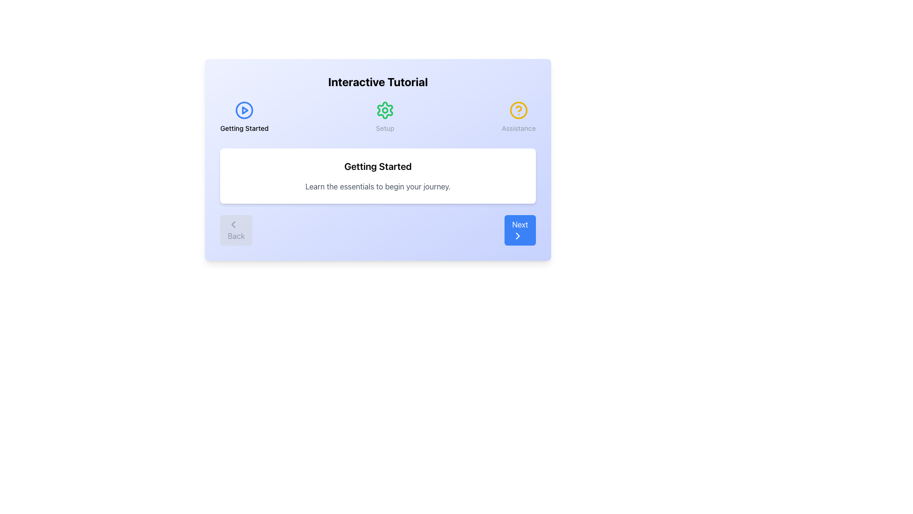 Image resolution: width=913 pixels, height=514 pixels. I want to click on the cogwheel icon in the Interactive Tutorial interface, so click(385, 109).